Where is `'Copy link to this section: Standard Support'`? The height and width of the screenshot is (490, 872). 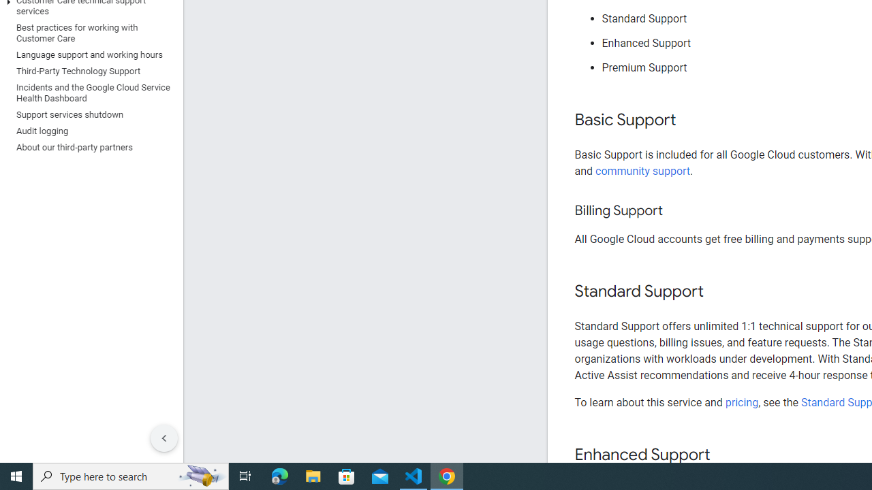 'Copy link to this section: Standard Support' is located at coordinates (717, 291).